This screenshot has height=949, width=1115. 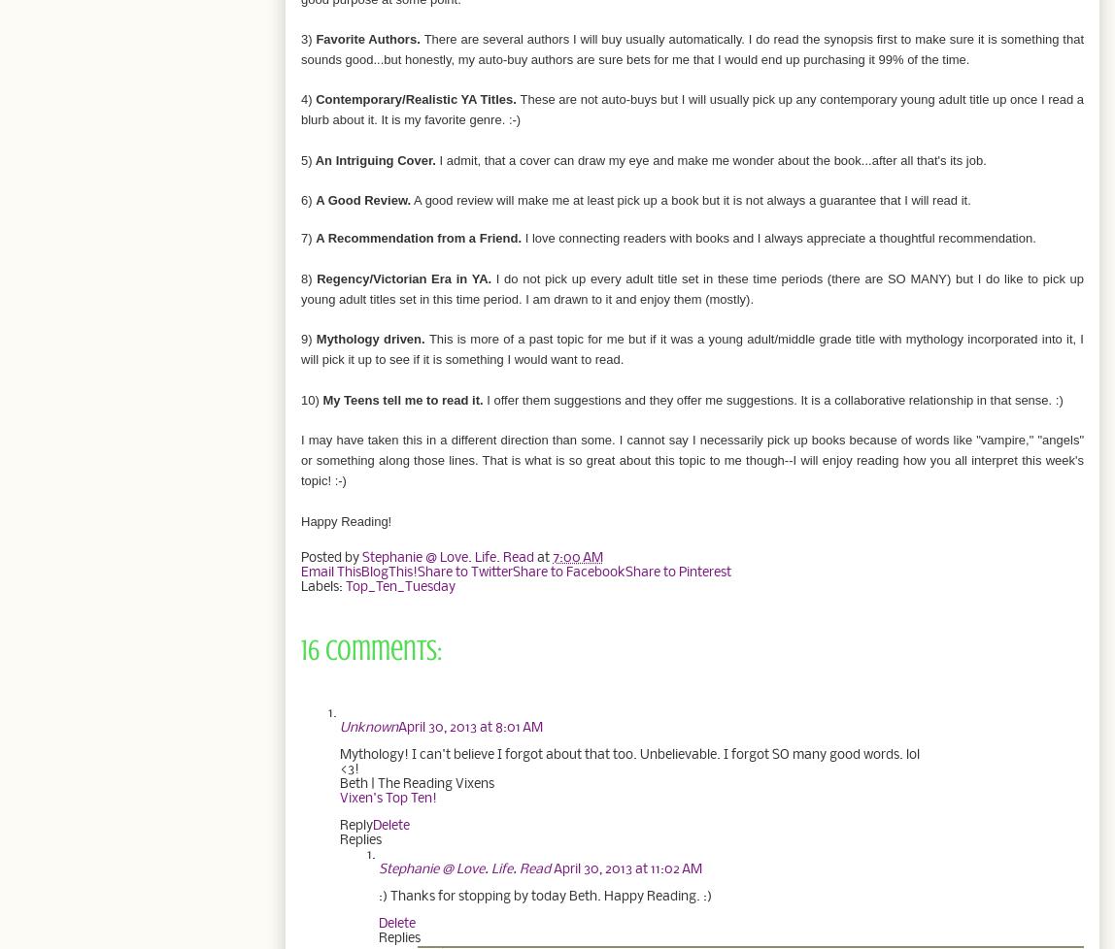 I want to click on 'A Good Review.', so click(x=363, y=200).